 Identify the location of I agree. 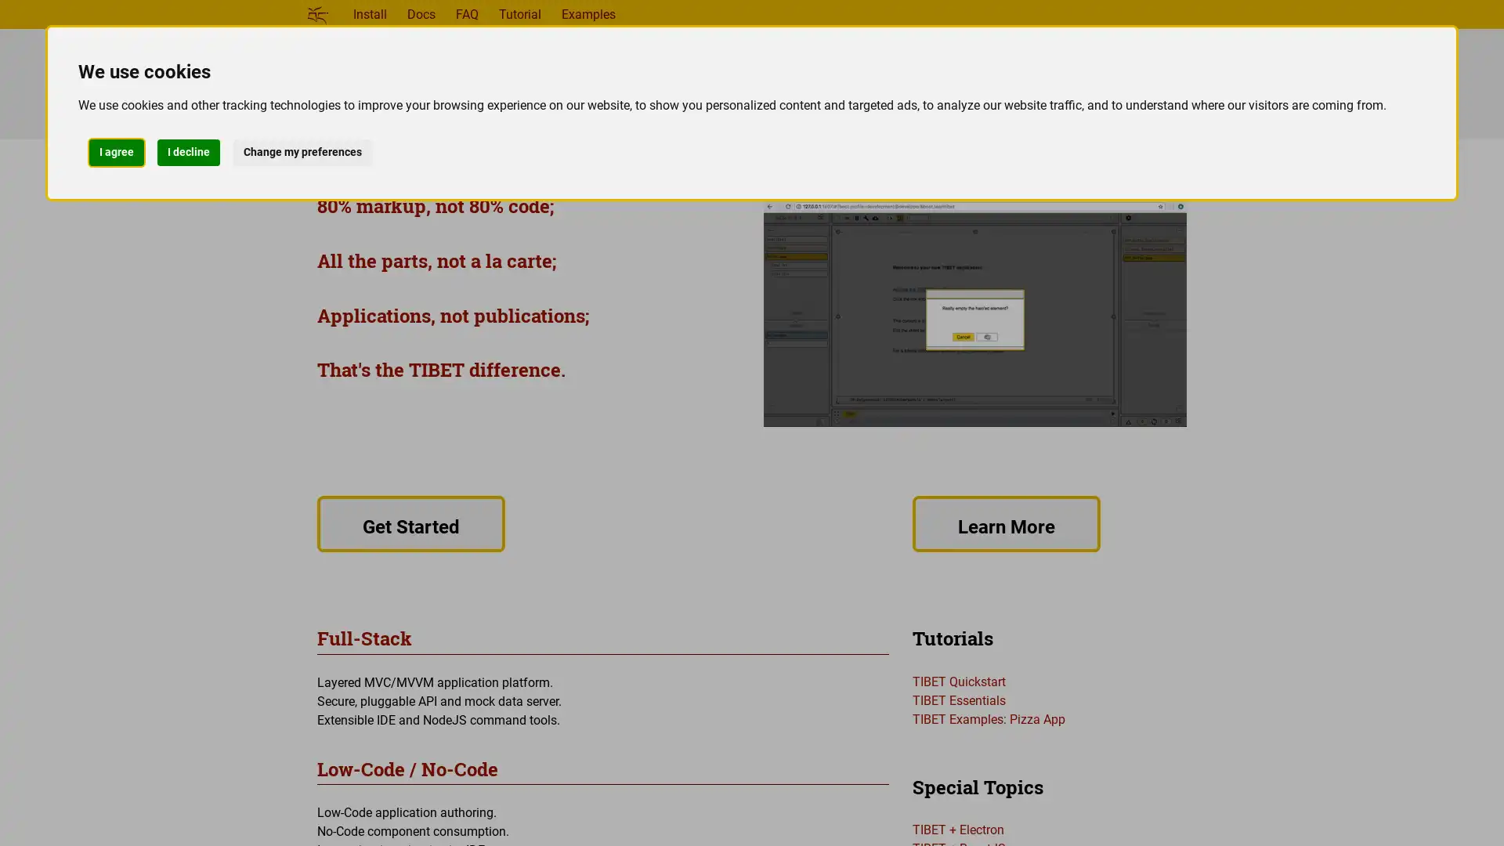
(115, 151).